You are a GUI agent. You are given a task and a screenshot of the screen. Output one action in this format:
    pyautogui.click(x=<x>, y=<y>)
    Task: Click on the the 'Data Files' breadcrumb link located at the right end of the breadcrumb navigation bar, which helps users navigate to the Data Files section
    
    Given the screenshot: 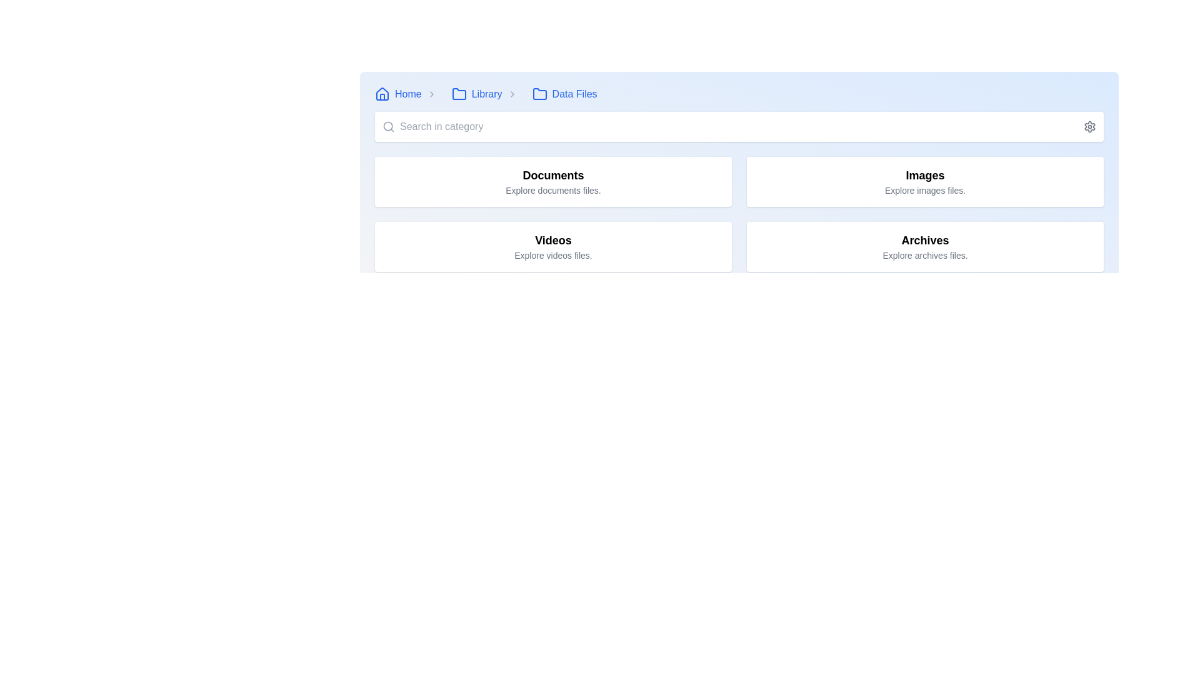 What is the action you would take?
    pyautogui.click(x=574, y=93)
    